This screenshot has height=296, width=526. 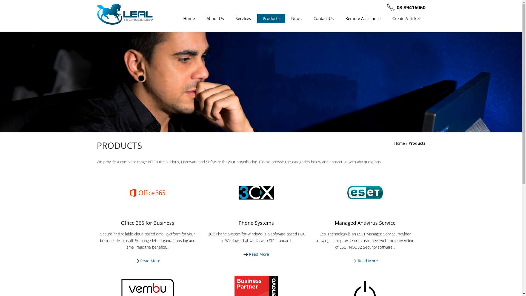 What do you see at coordinates (215, 18) in the screenshot?
I see `'About Us'` at bounding box center [215, 18].